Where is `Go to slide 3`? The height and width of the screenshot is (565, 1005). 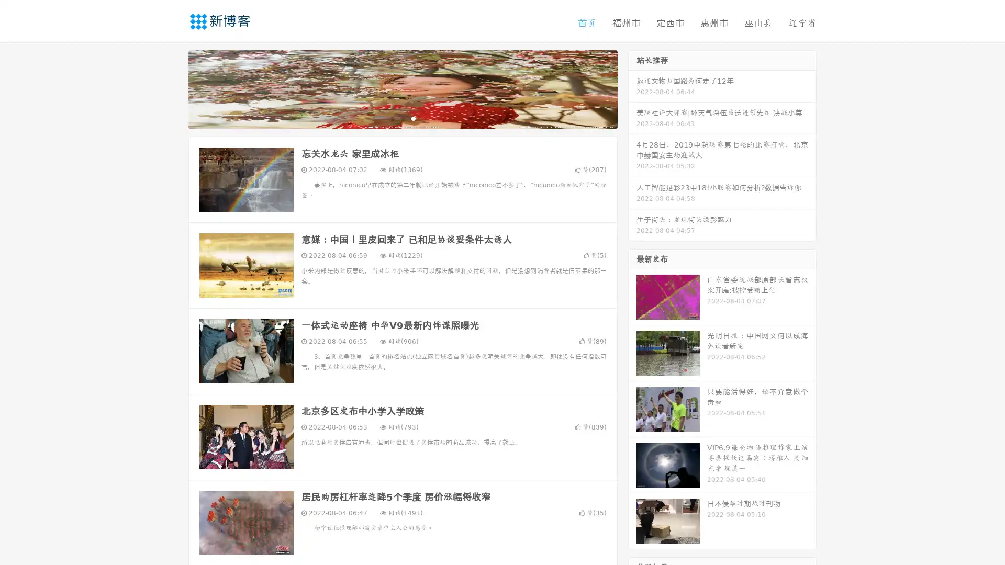
Go to slide 3 is located at coordinates (413, 118).